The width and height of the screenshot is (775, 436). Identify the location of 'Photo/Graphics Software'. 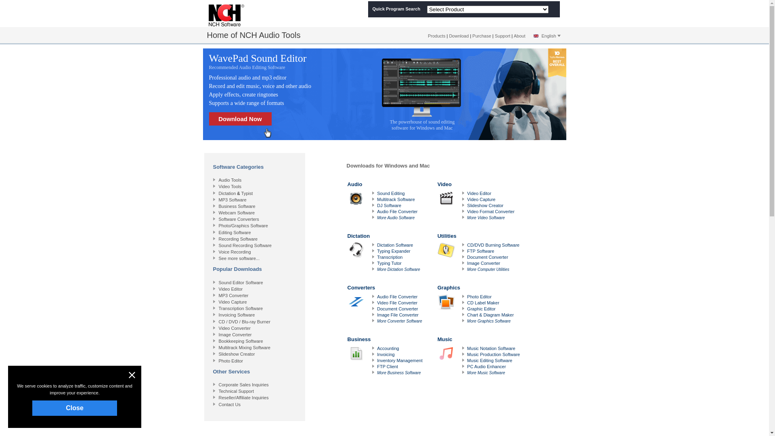
(243, 226).